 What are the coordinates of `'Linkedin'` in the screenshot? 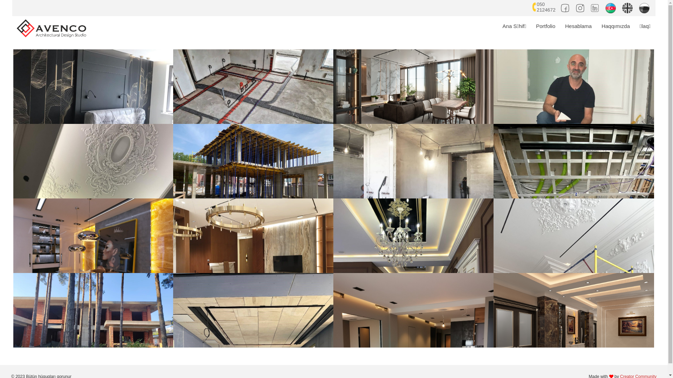 It's located at (595, 7).